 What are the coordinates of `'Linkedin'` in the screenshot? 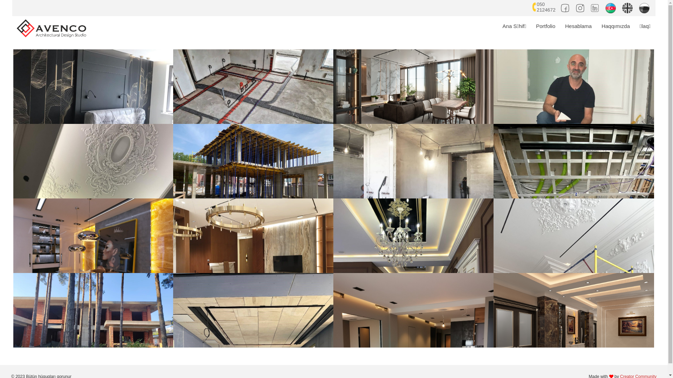 It's located at (595, 7).